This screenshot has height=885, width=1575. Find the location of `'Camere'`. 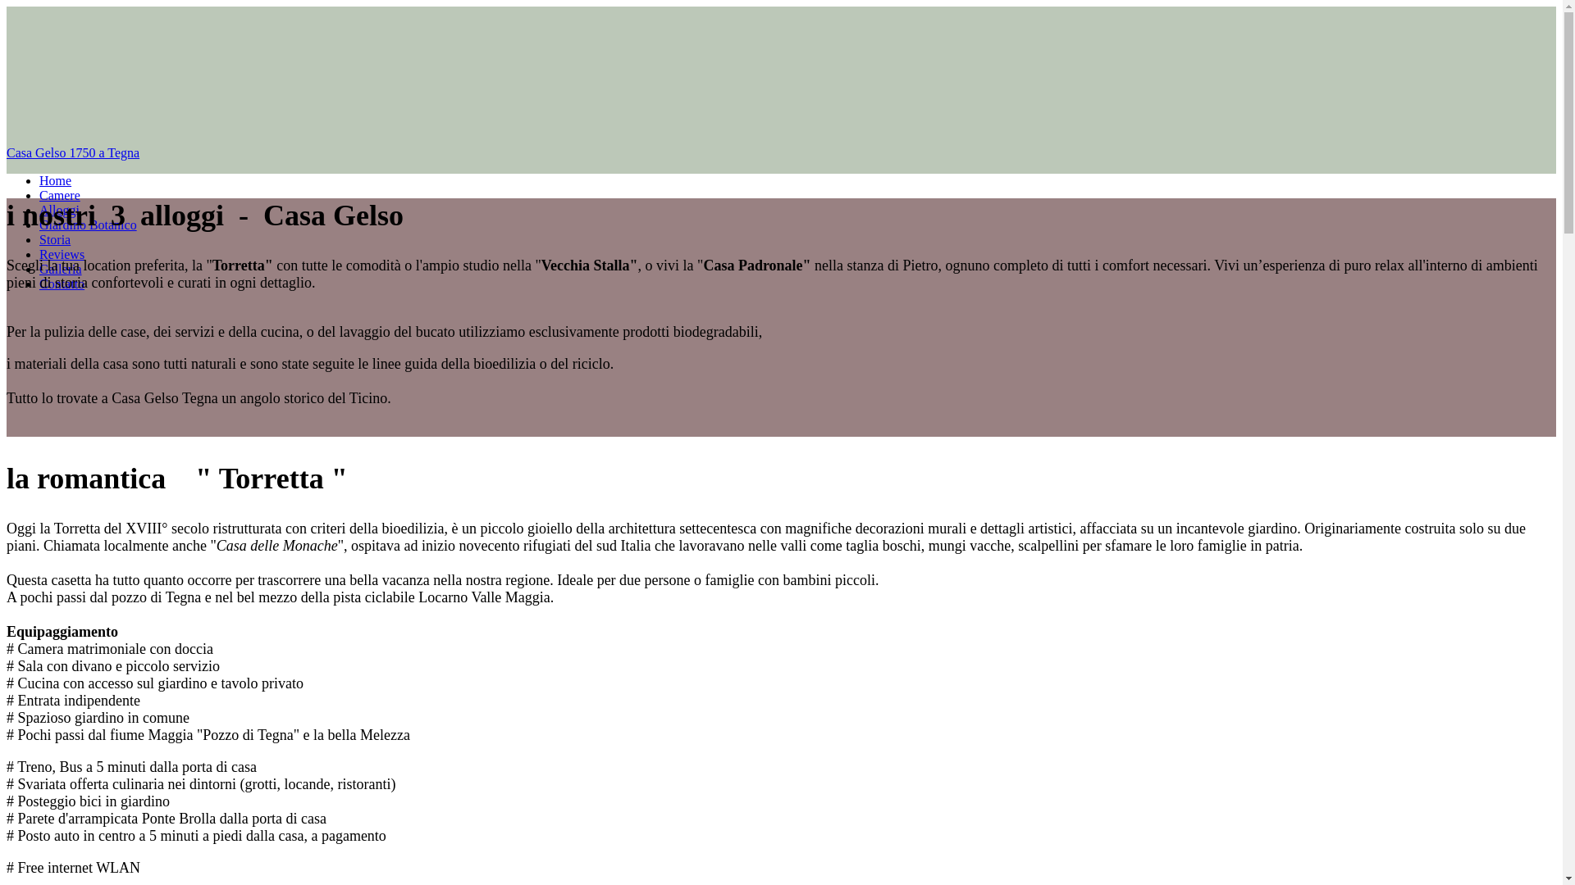

'Camere' is located at coordinates (59, 194).